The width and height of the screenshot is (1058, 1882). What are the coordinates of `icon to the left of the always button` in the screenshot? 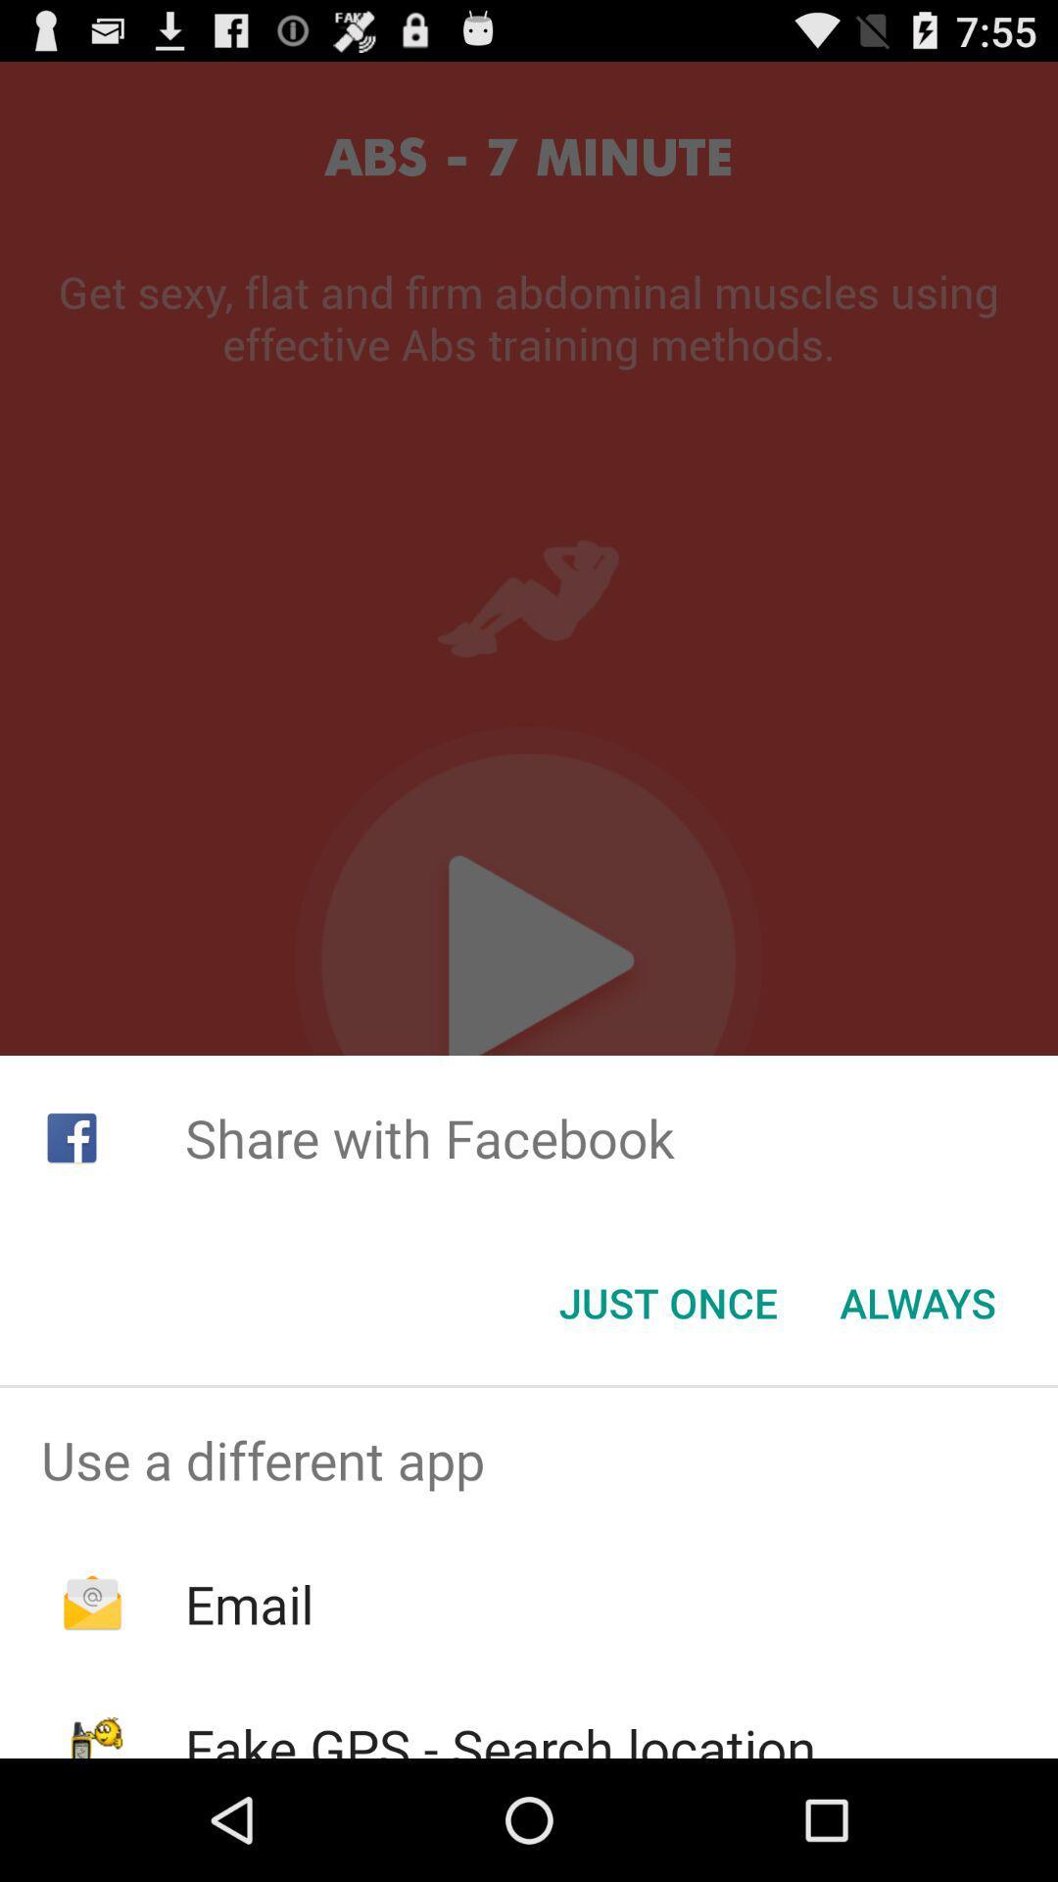 It's located at (667, 1303).